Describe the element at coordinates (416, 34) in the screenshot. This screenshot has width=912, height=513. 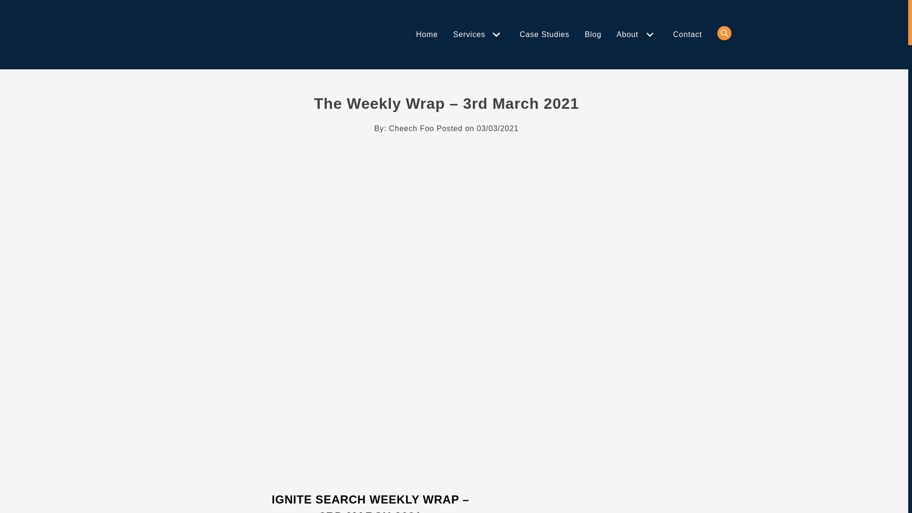
I see `'Home'` at that location.